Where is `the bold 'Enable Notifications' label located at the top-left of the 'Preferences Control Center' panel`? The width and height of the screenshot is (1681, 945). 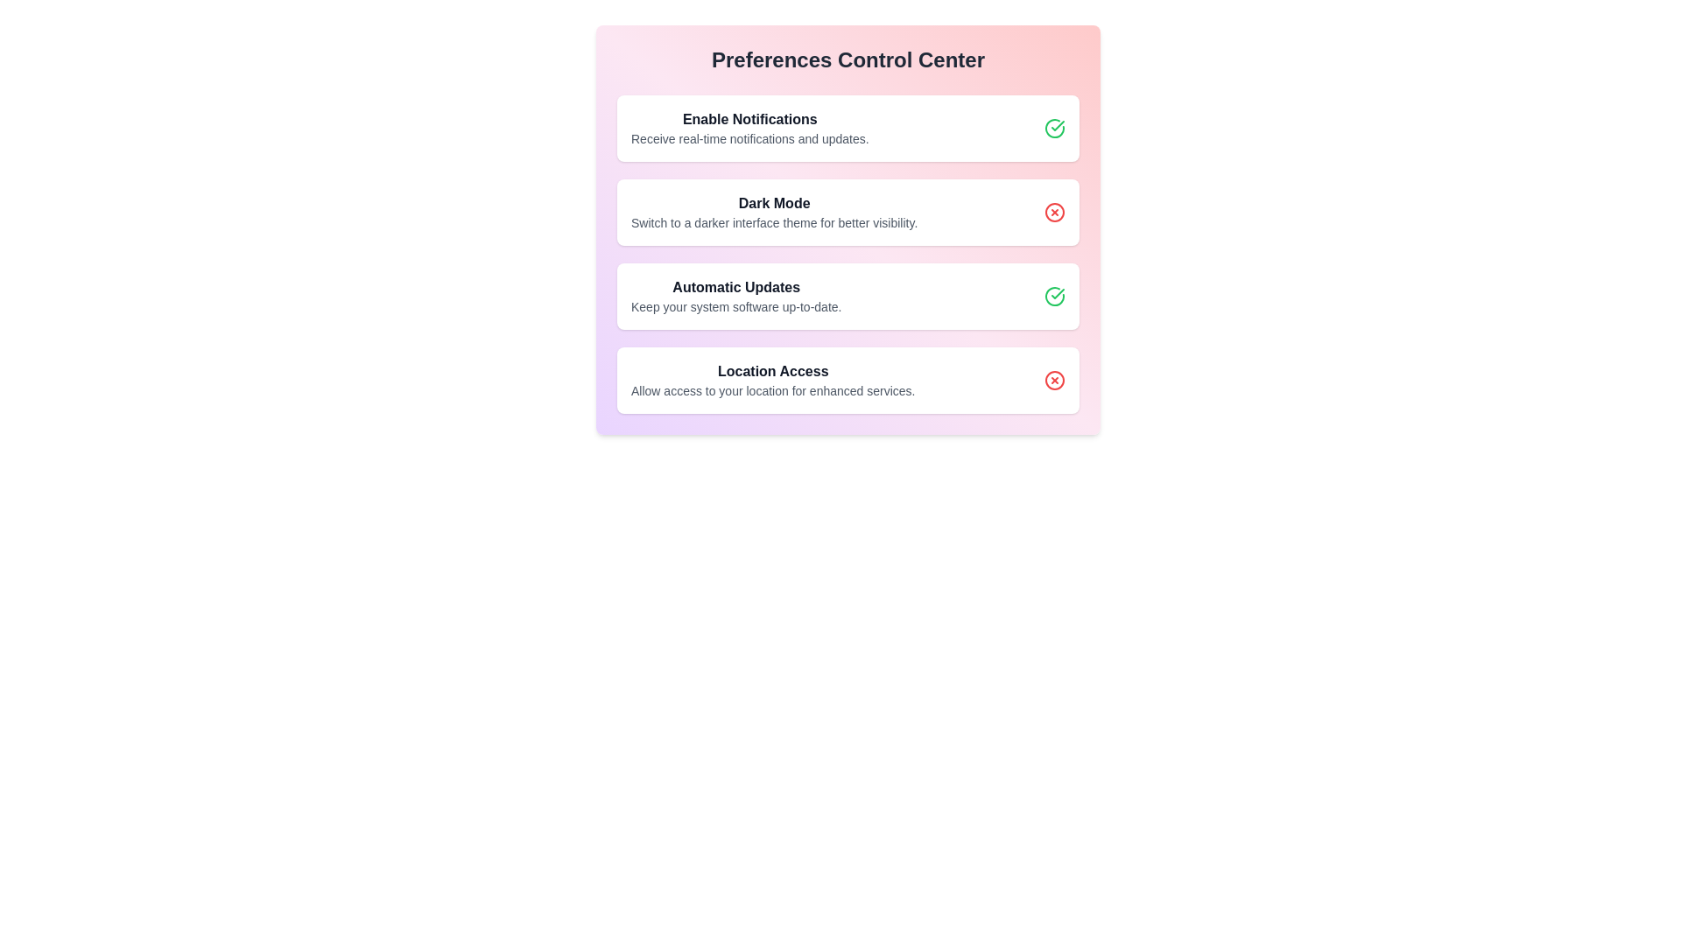
the bold 'Enable Notifications' label located at the top-left of the 'Preferences Control Center' panel is located at coordinates (749, 119).